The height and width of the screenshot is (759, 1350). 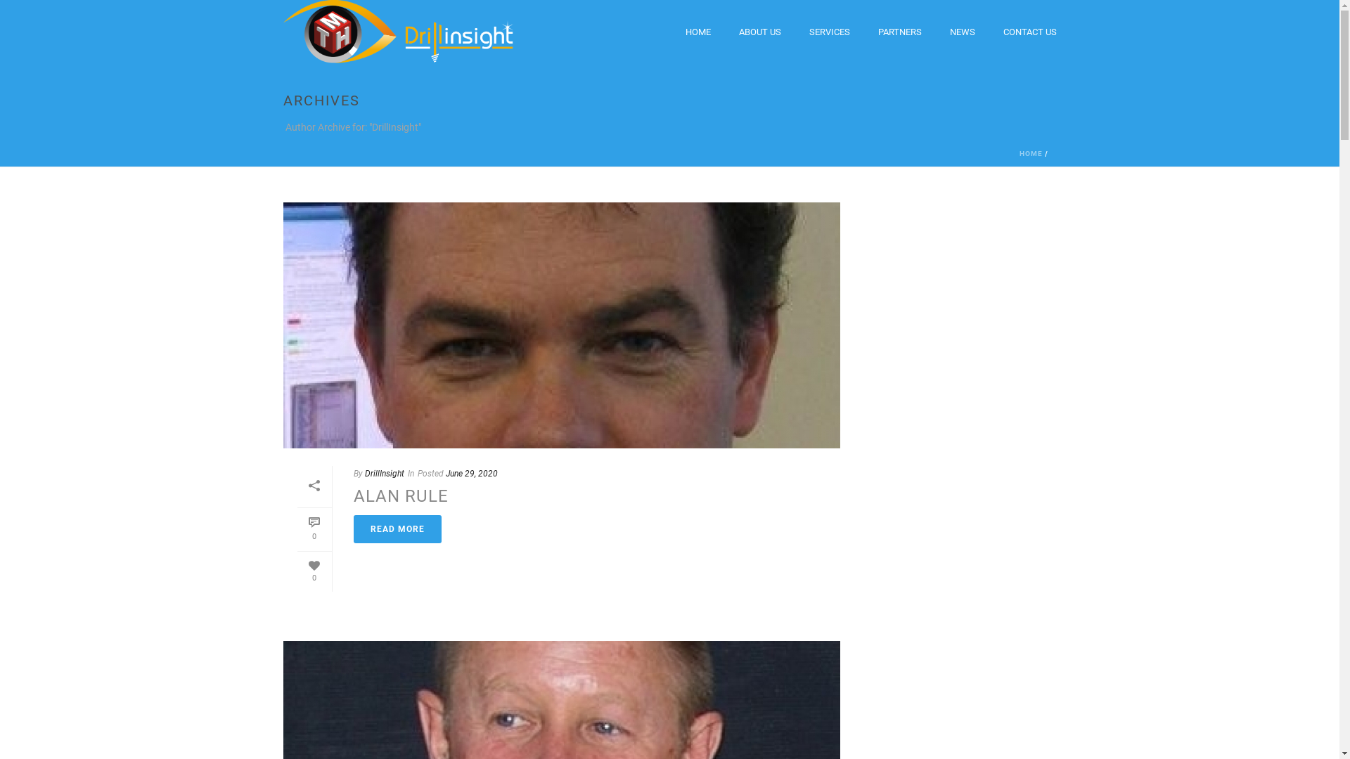 What do you see at coordinates (364, 474) in the screenshot?
I see `'DrillInsight'` at bounding box center [364, 474].